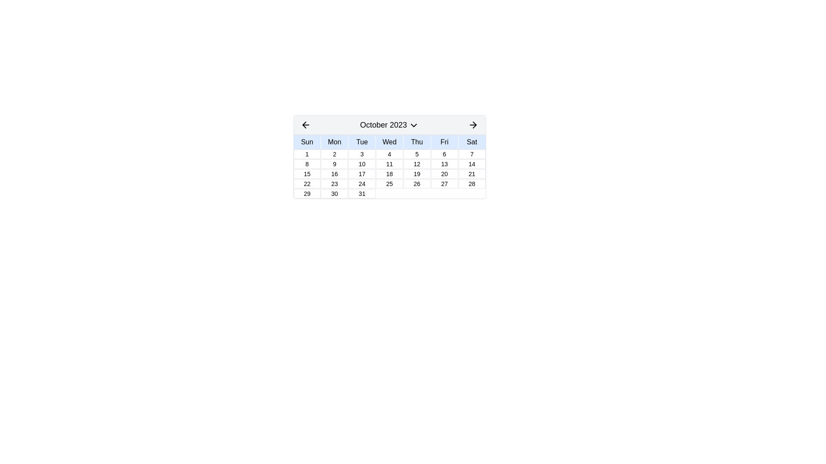  I want to click on the static text displaying the number '17' in the calendar grid, so click(362, 174).